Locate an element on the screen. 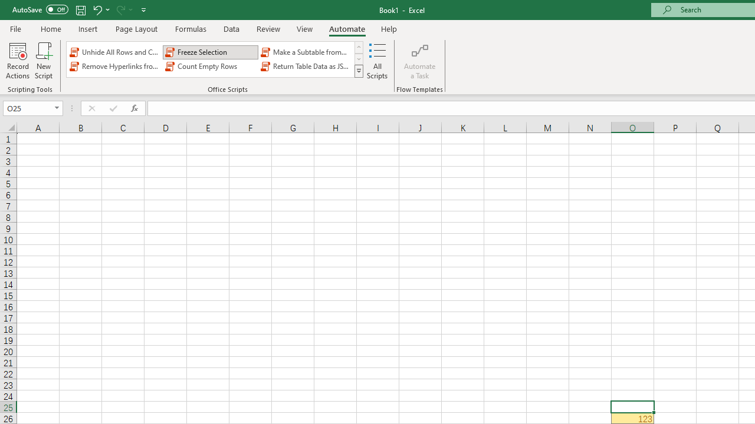  'Record Actions' is located at coordinates (18, 61).